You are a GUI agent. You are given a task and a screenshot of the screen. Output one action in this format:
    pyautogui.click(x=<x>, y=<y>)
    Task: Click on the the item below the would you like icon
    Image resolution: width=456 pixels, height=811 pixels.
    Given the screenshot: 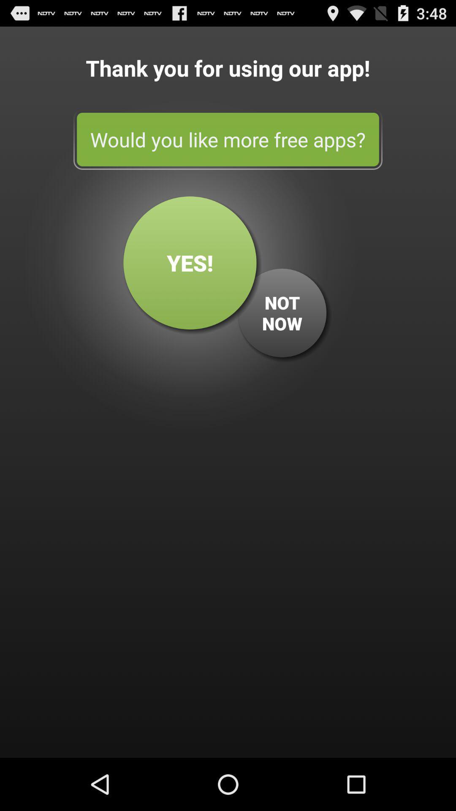 What is the action you would take?
    pyautogui.click(x=190, y=262)
    